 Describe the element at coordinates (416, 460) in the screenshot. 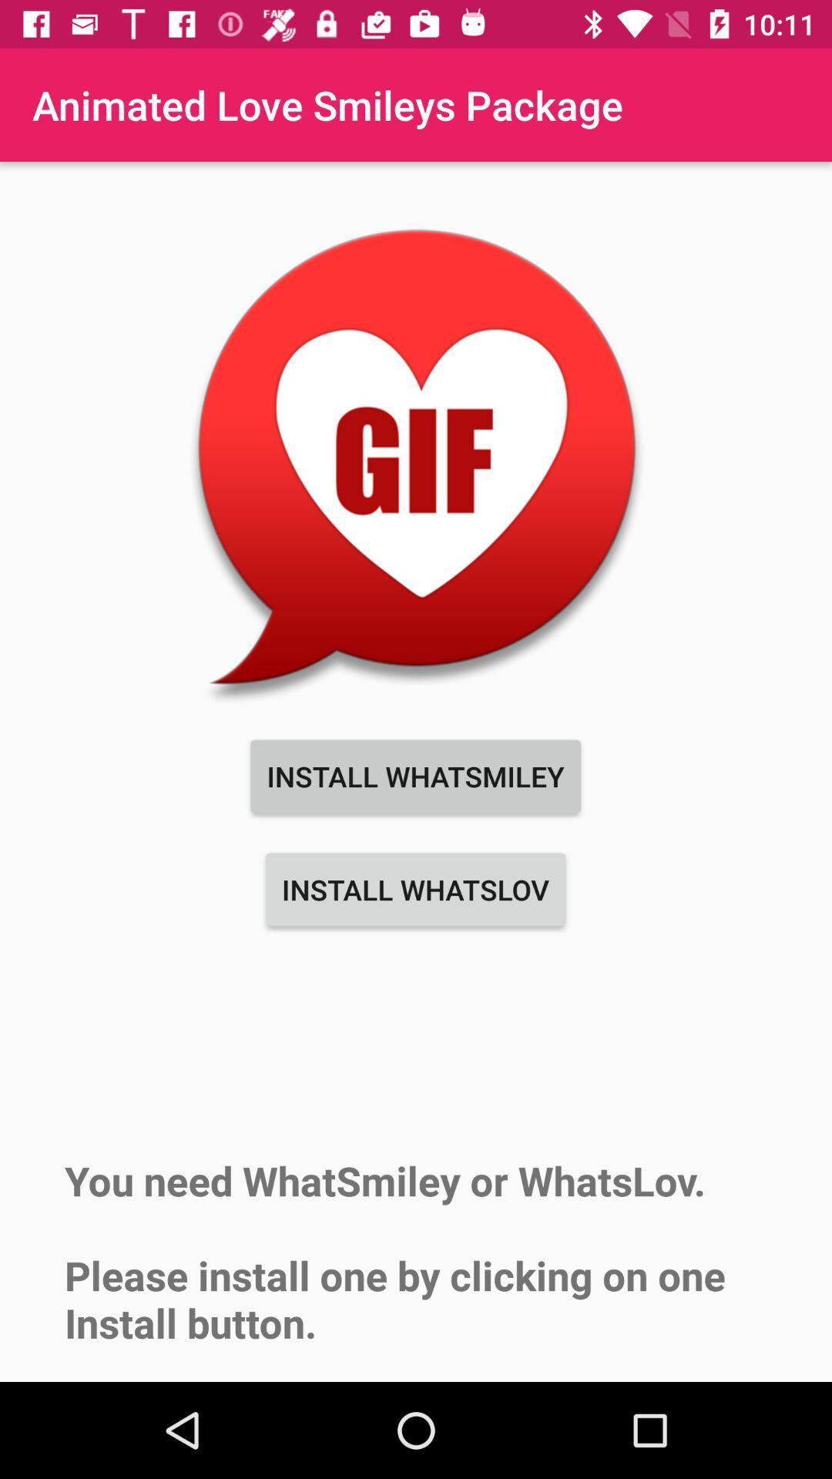

I see `icon below animated love smileys icon` at that location.